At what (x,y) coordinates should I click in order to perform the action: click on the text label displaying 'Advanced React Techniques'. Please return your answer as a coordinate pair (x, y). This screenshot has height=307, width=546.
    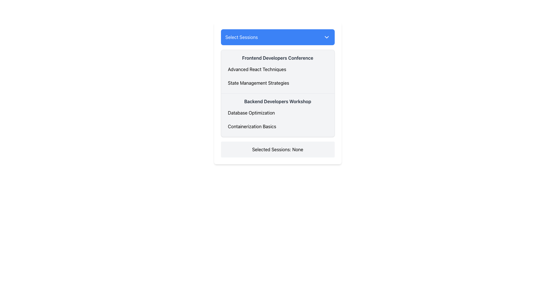
    Looking at the image, I should click on (257, 69).